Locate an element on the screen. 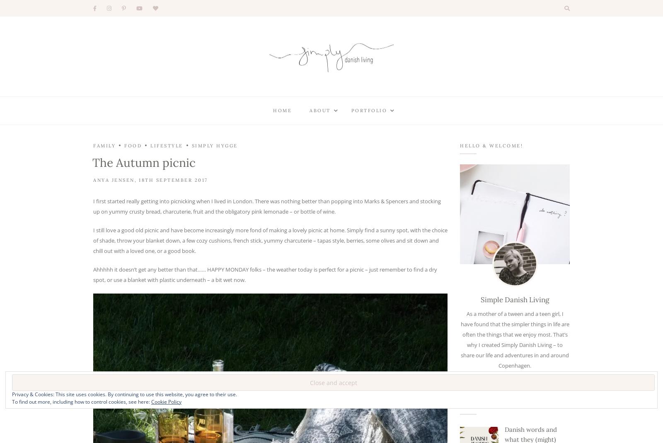 The image size is (663, 443). 'Latest posts' is located at coordinates (482, 405).